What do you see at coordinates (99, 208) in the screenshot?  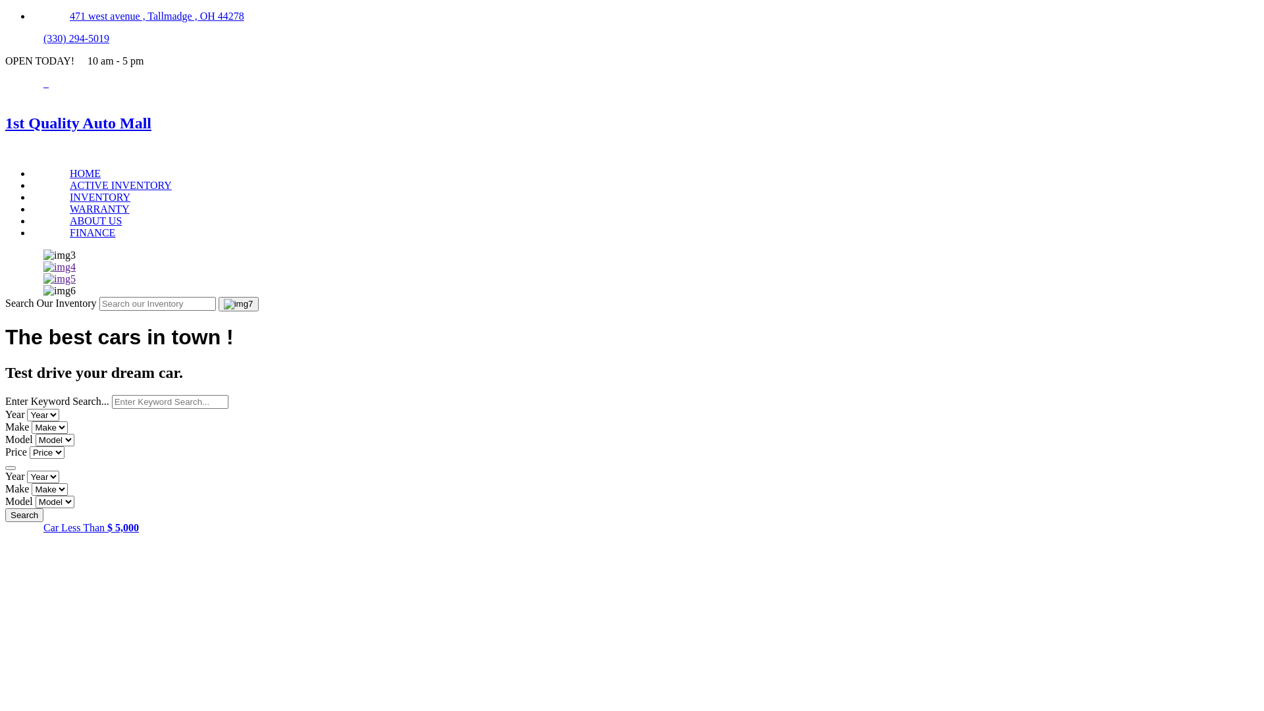 I see `'WARRANTY'` at bounding box center [99, 208].